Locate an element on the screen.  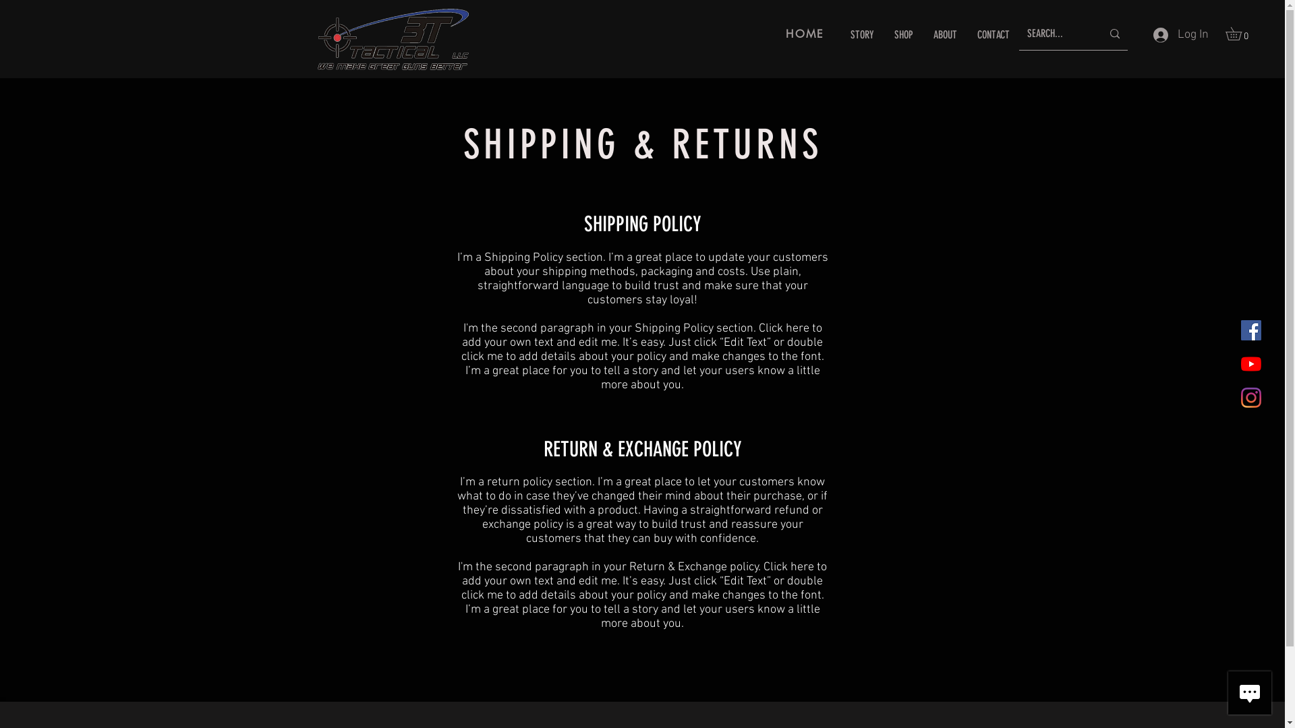
'HOME' is located at coordinates (805, 33).